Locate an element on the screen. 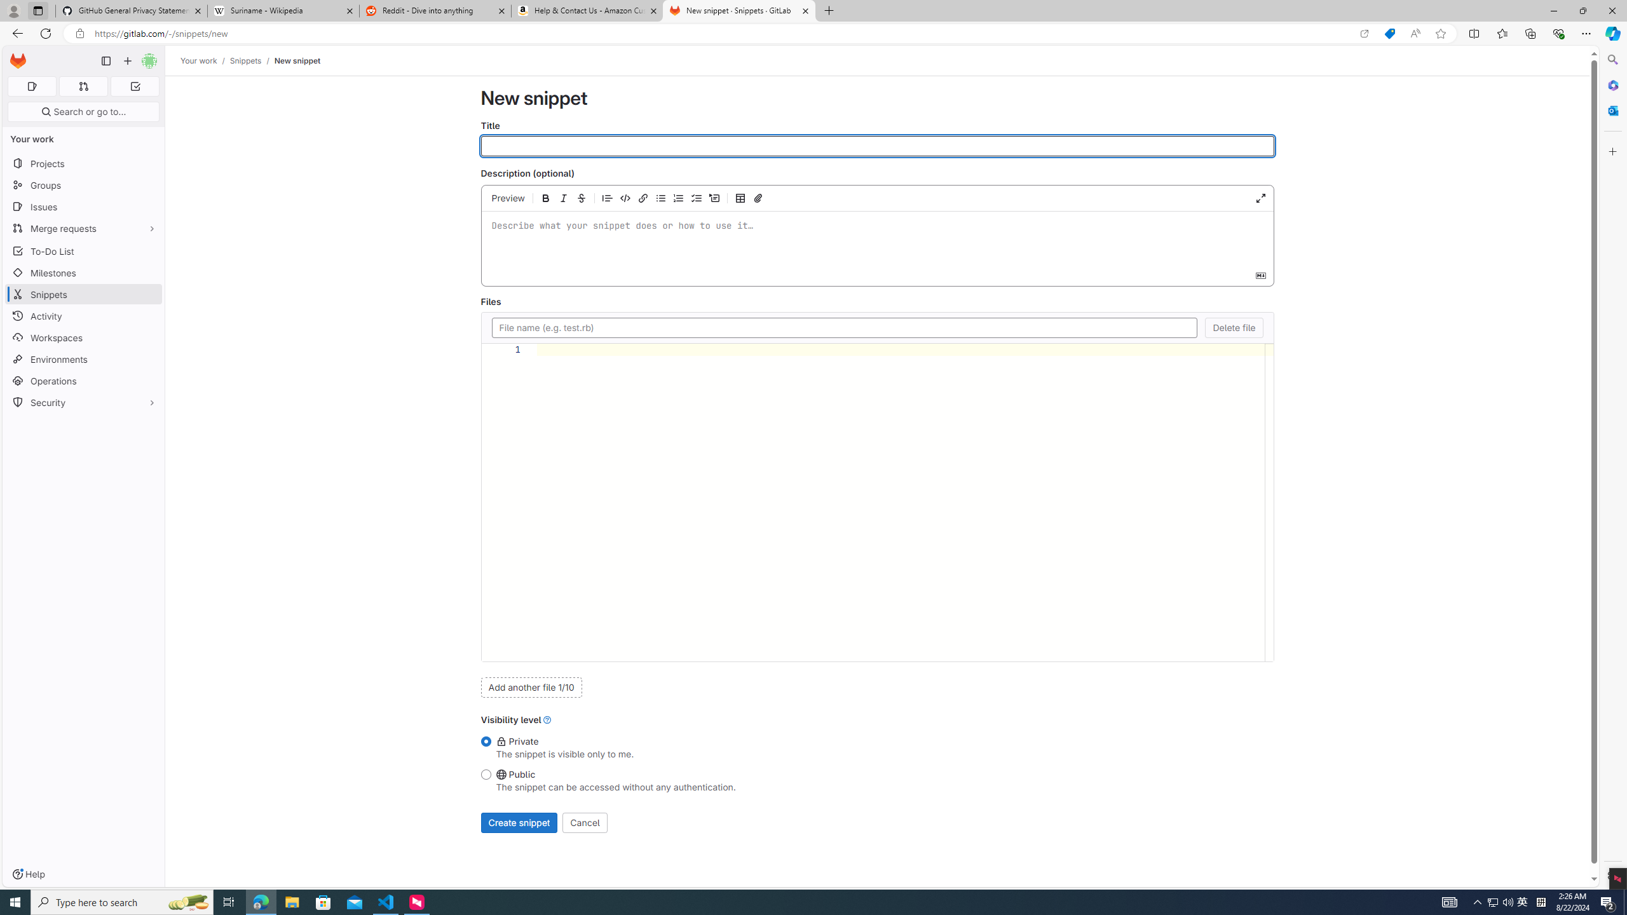  'Snippets' is located at coordinates (245, 60).